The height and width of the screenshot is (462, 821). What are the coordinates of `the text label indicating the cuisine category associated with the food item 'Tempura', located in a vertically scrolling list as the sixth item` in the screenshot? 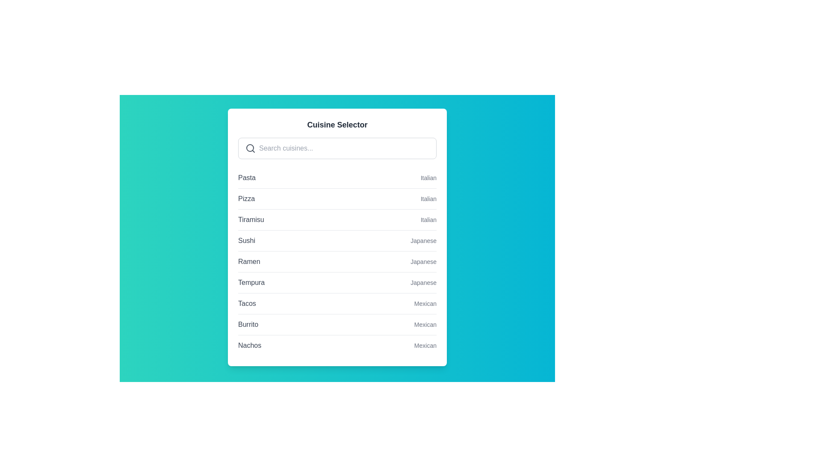 It's located at (423, 282).